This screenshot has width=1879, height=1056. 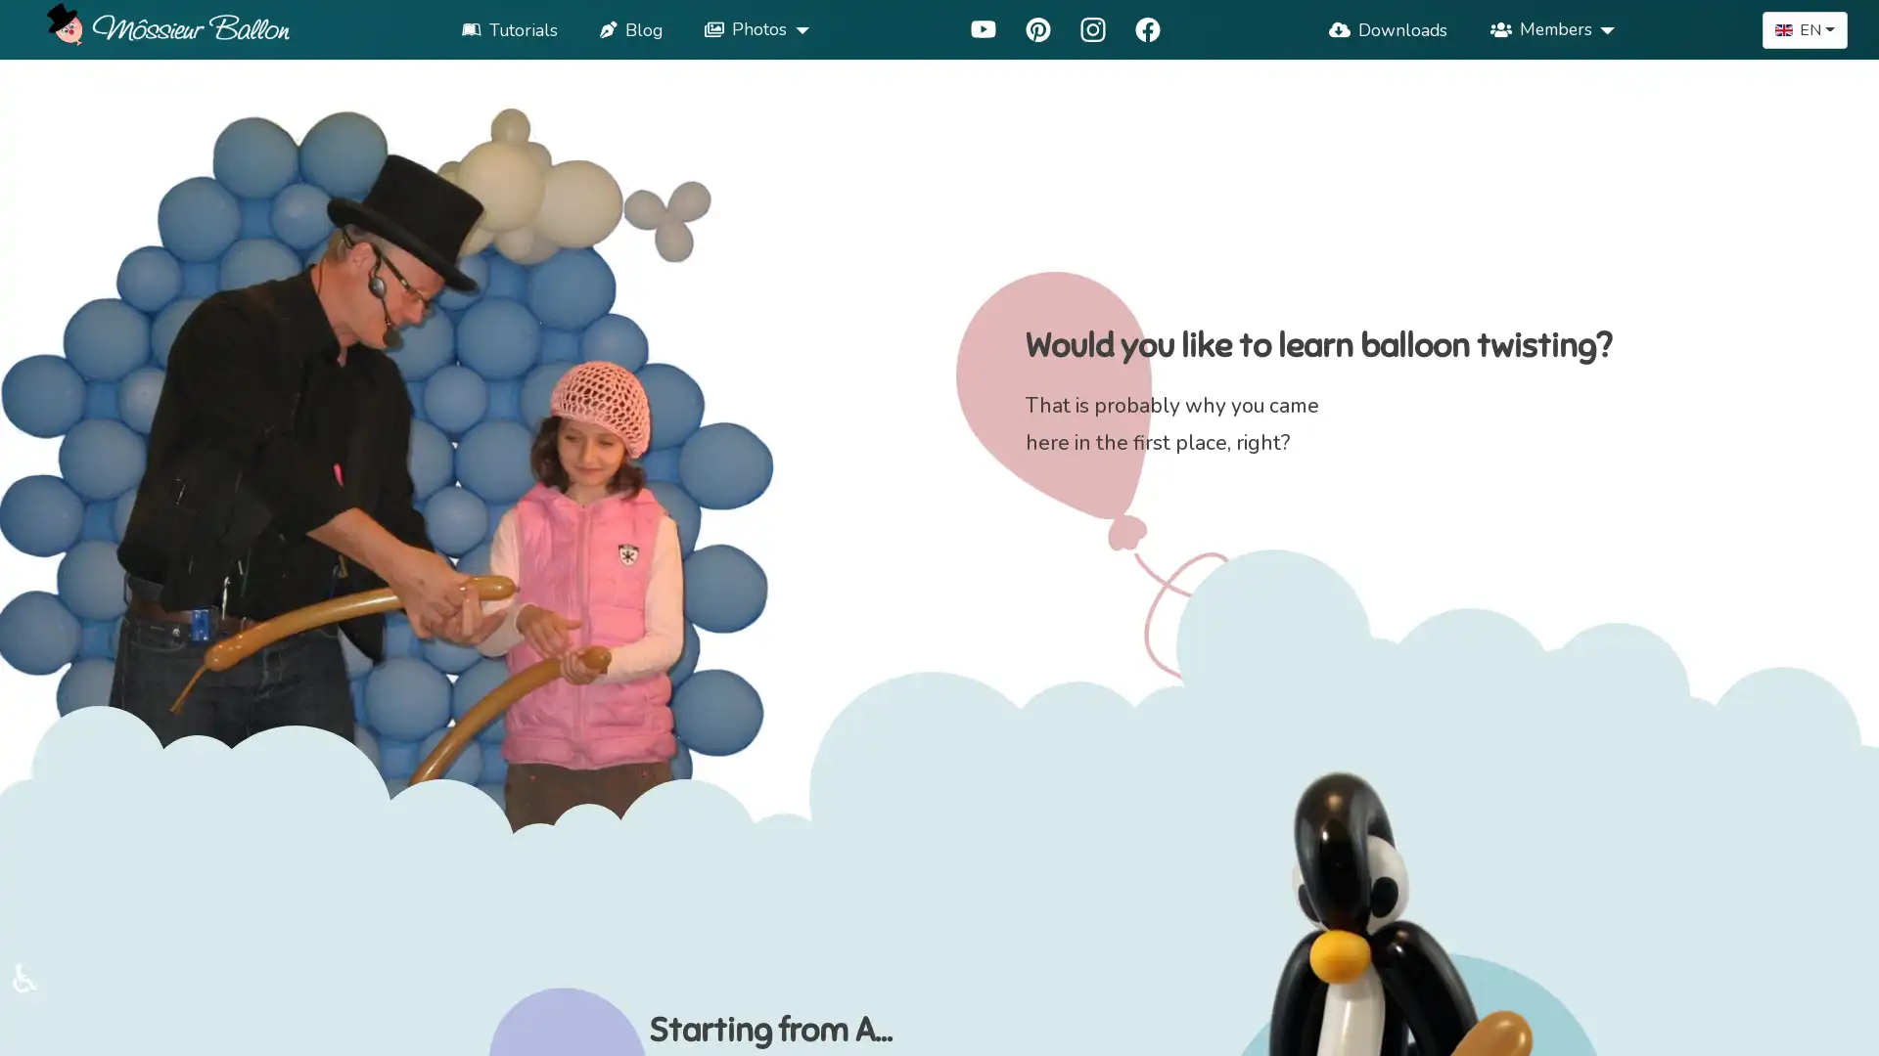 I want to click on Deny all cookies, so click(x=1206, y=1028).